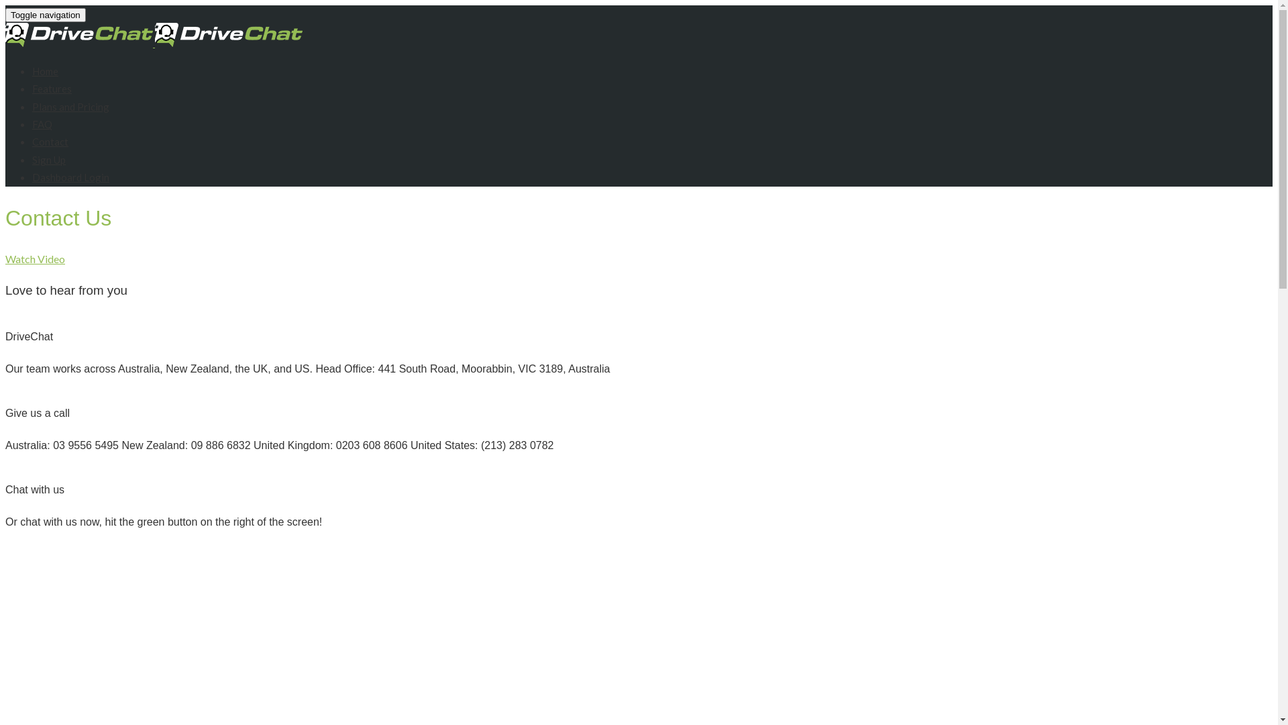  I want to click on 'Features', so click(52, 88).